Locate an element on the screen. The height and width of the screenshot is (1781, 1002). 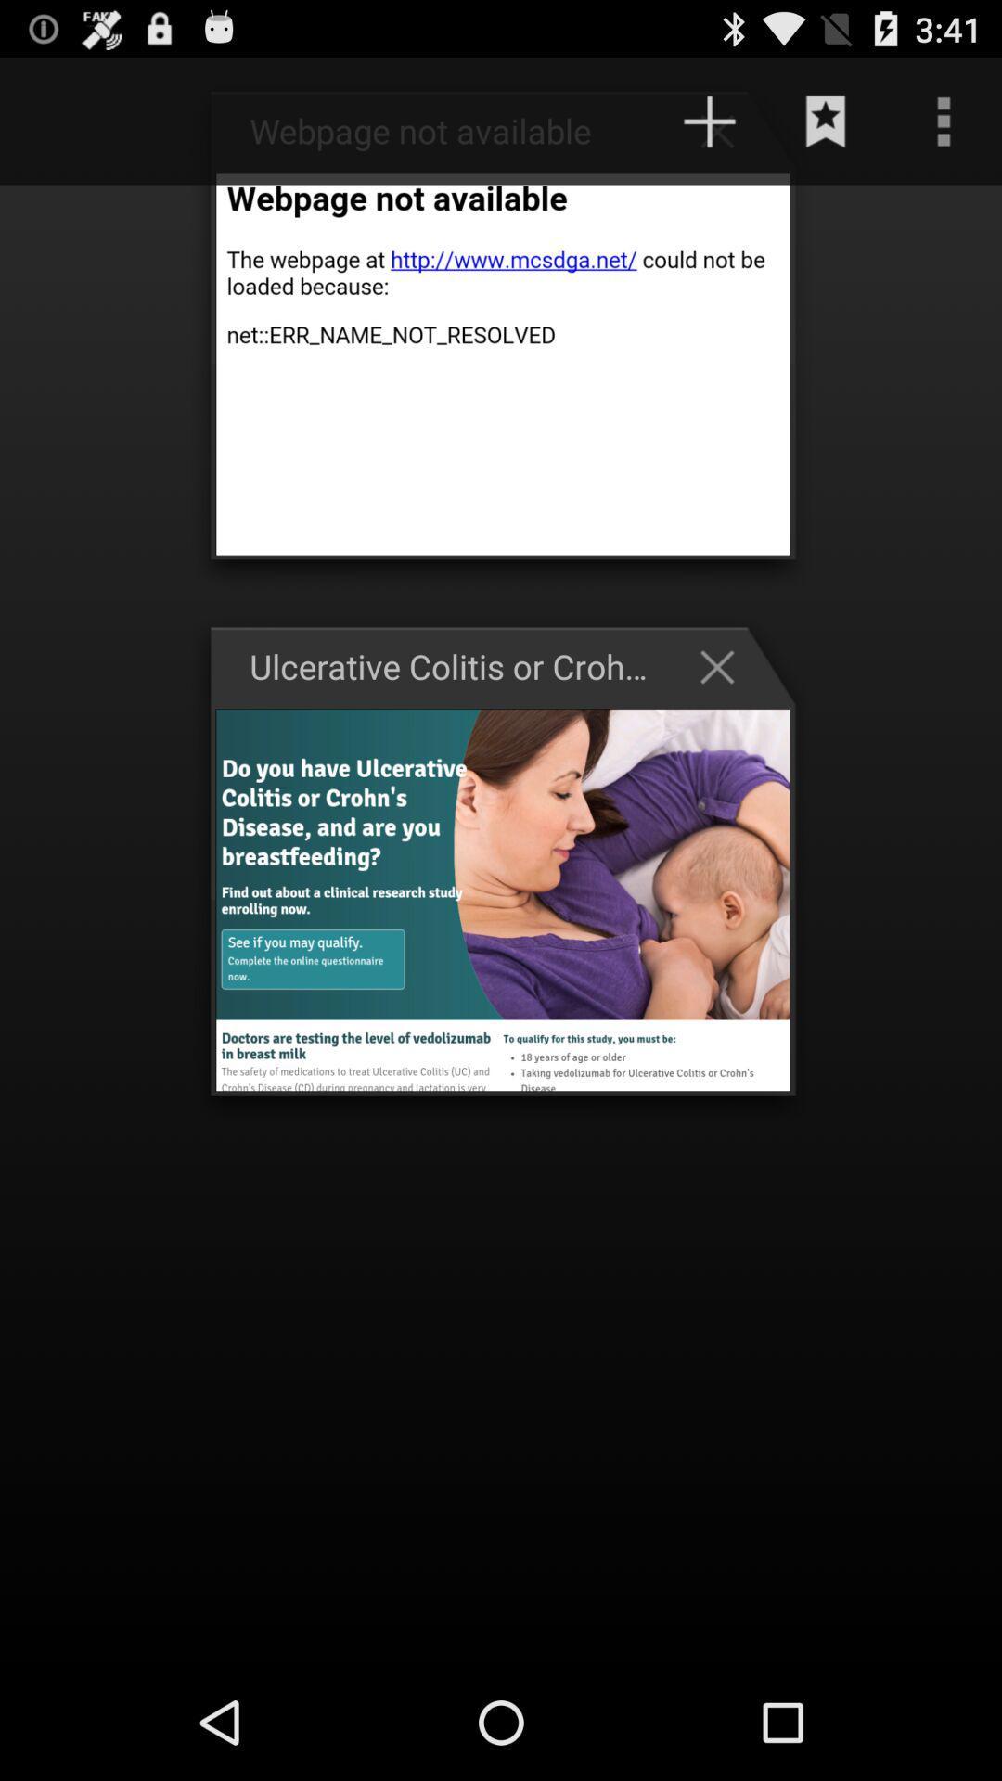
the plus icon is located at coordinates (709, 121).